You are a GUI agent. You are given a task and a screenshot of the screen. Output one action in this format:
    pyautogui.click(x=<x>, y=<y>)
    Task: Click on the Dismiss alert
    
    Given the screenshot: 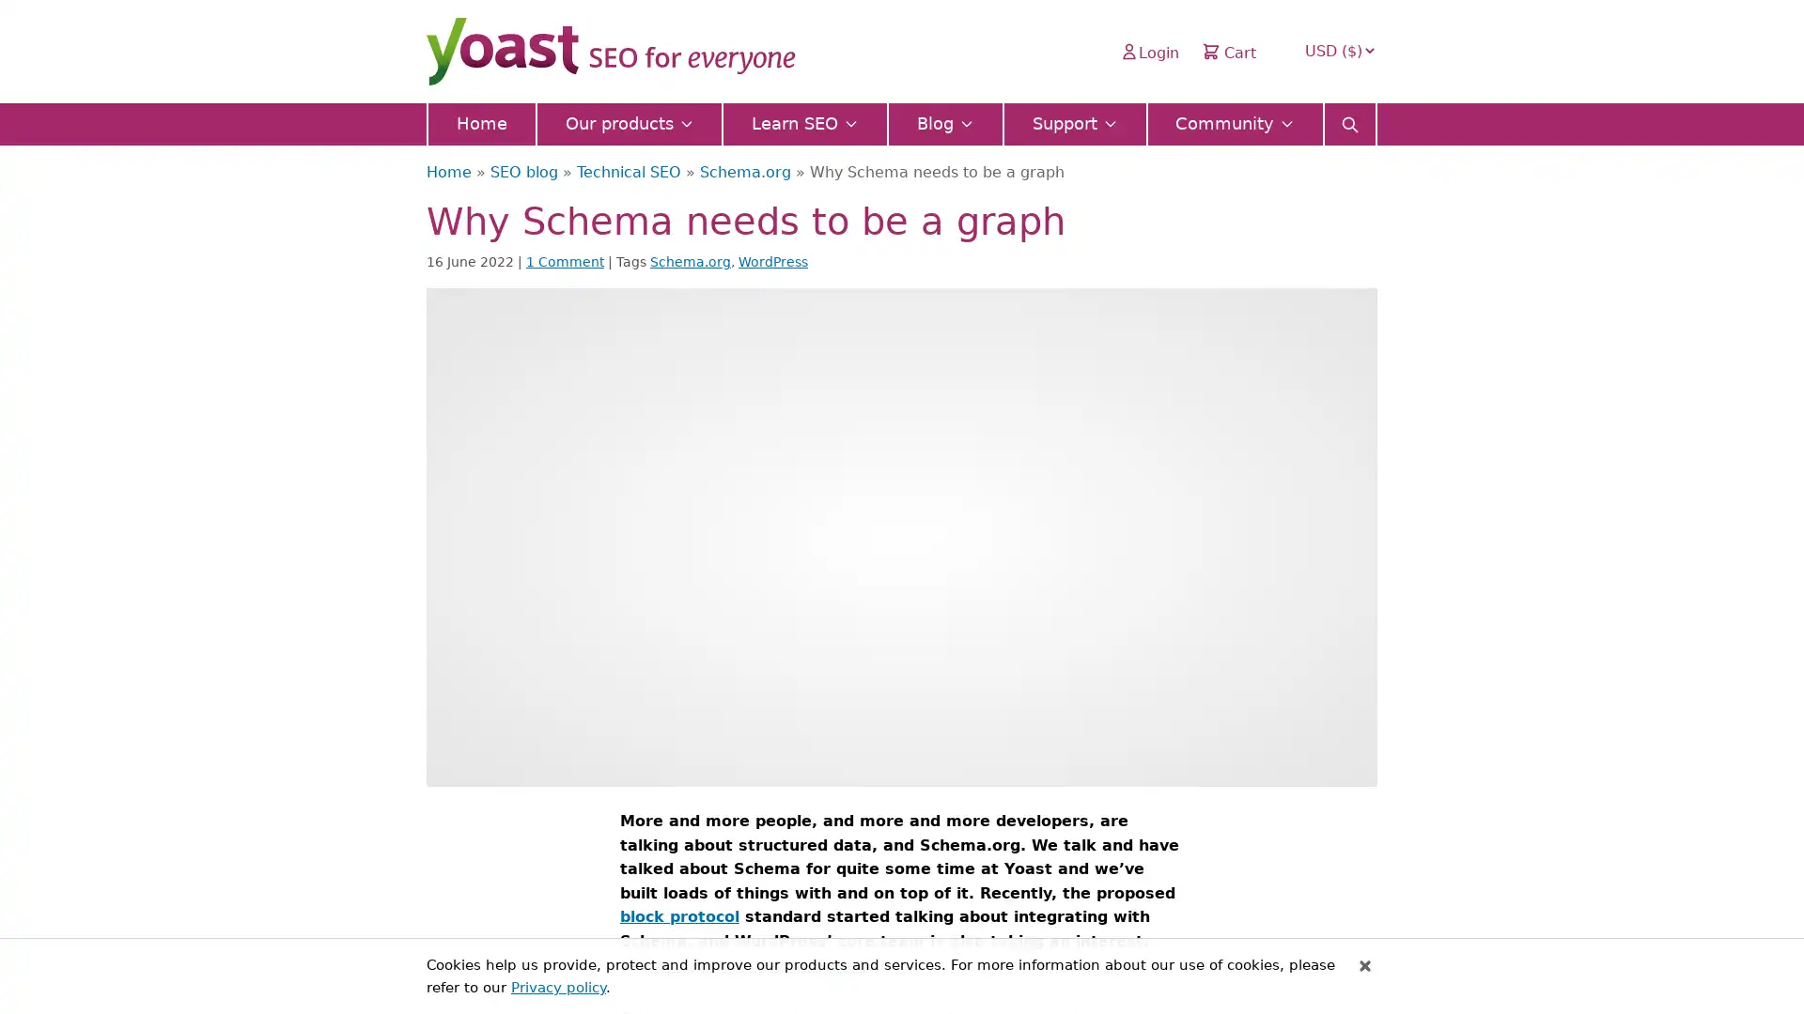 What is the action you would take?
    pyautogui.click(x=1365, y=965)
    